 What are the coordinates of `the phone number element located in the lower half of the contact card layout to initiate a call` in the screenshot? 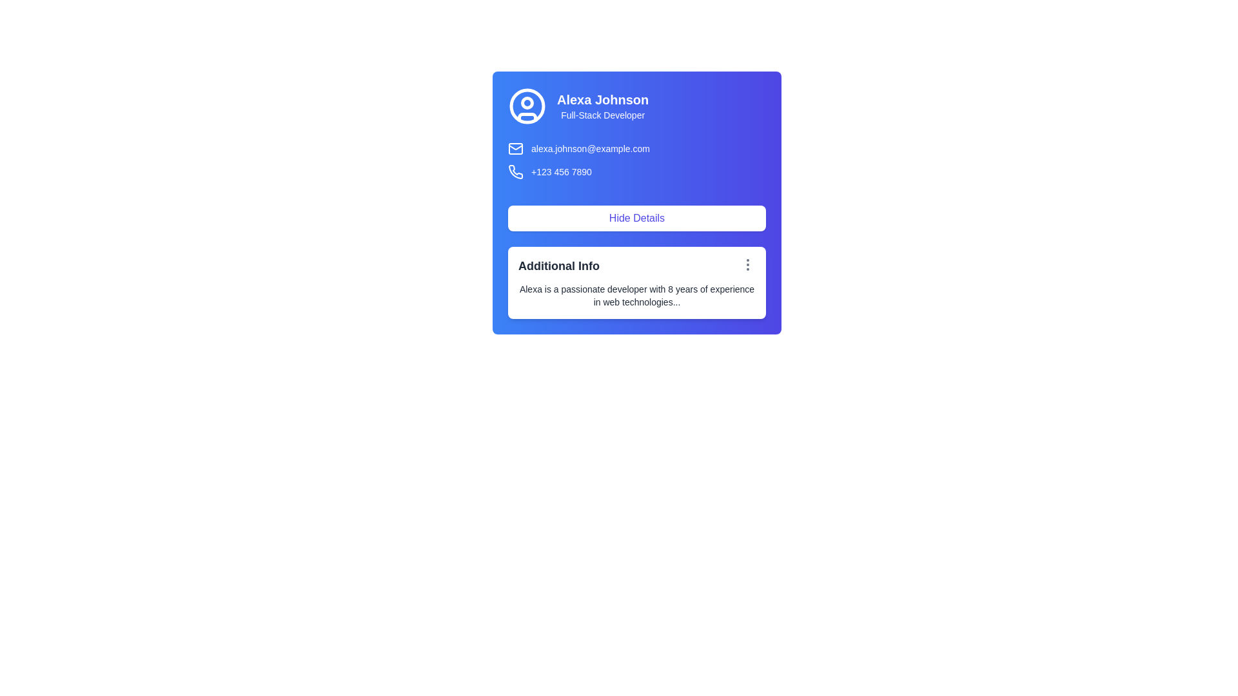 It's located at (637, 171).